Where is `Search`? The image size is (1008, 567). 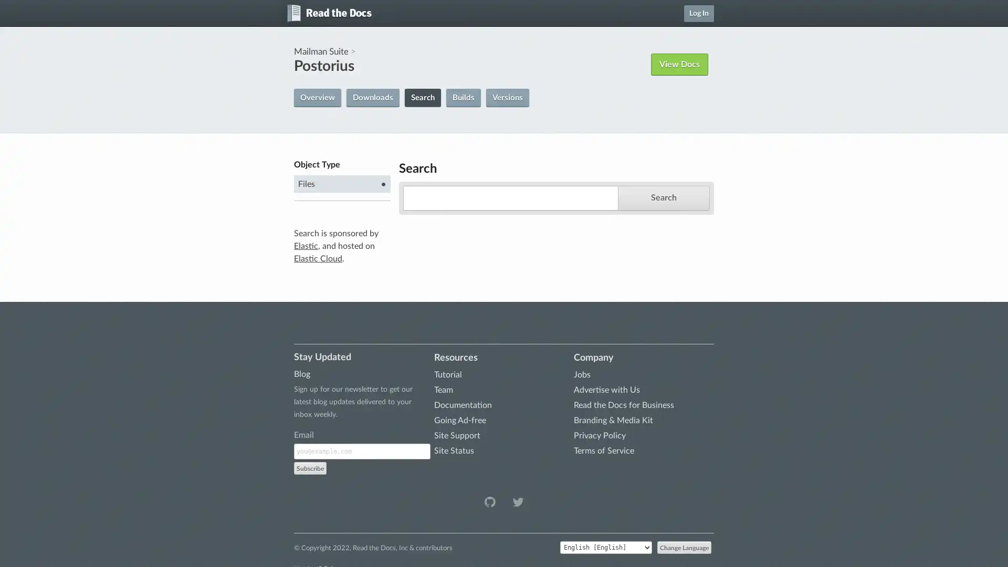
Search is located at coordinates (663, 197).